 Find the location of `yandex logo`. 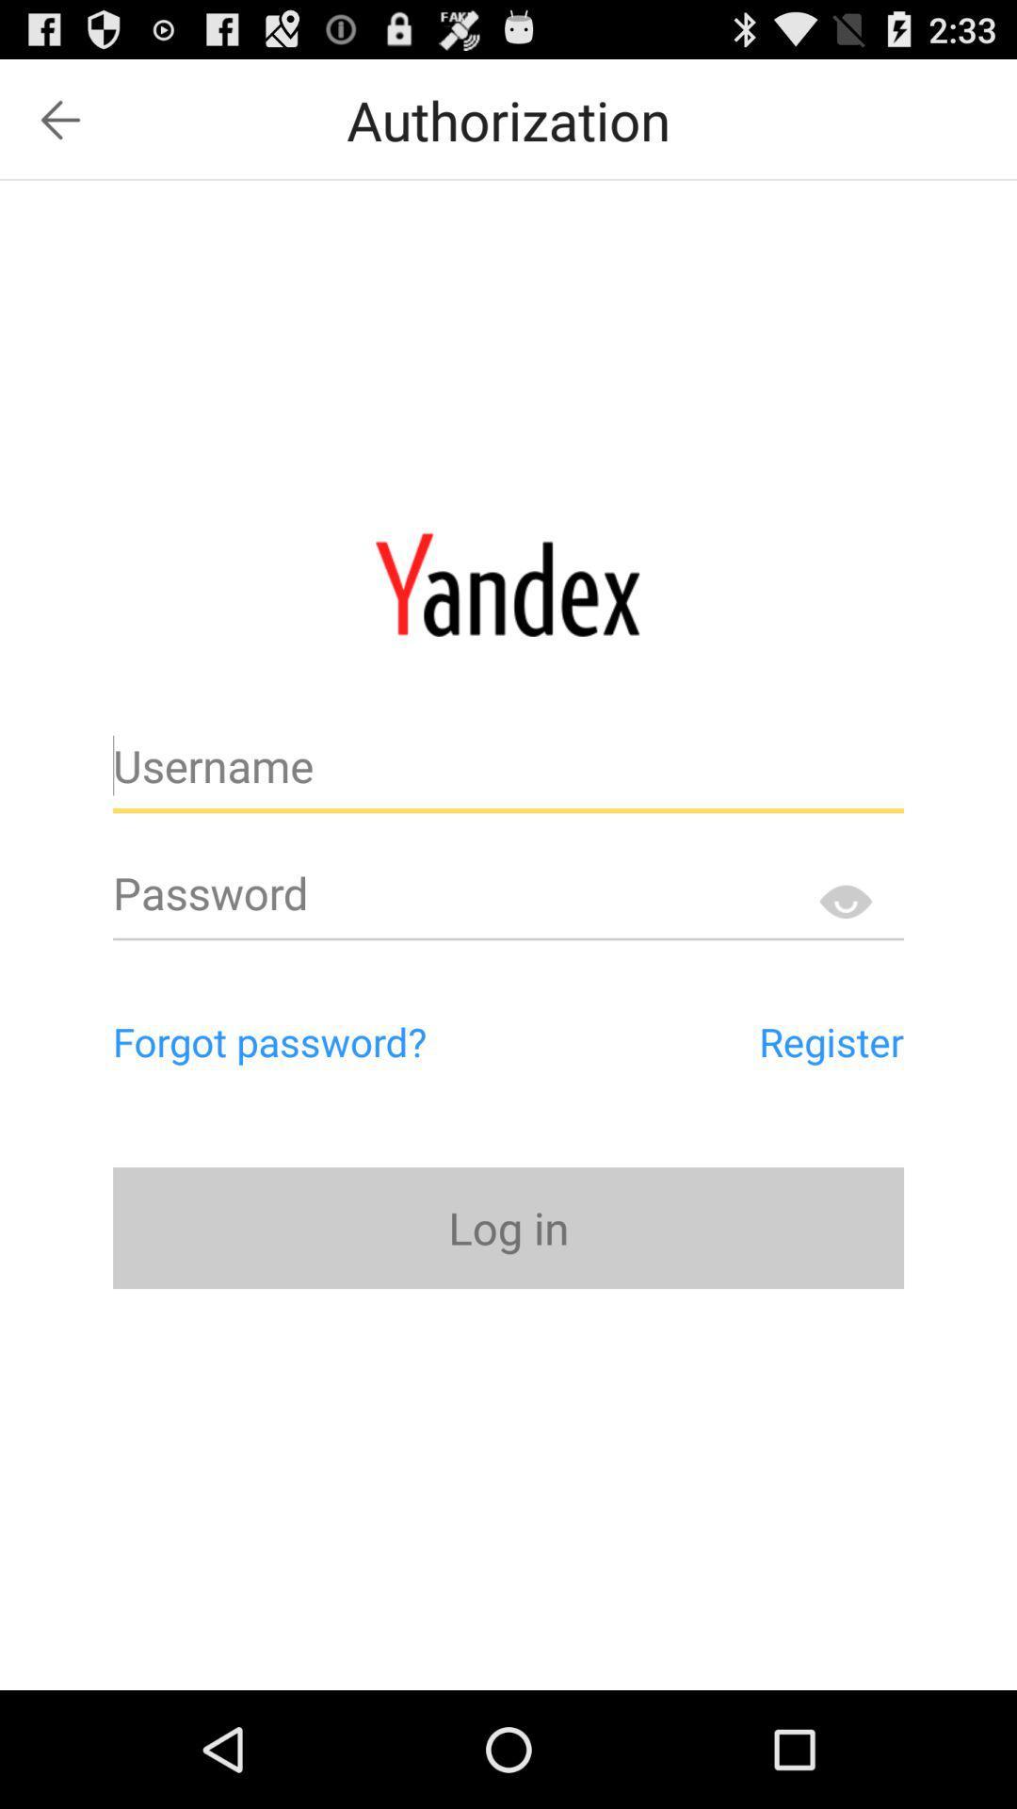

yandex logo is located at coordinates (507, 583).